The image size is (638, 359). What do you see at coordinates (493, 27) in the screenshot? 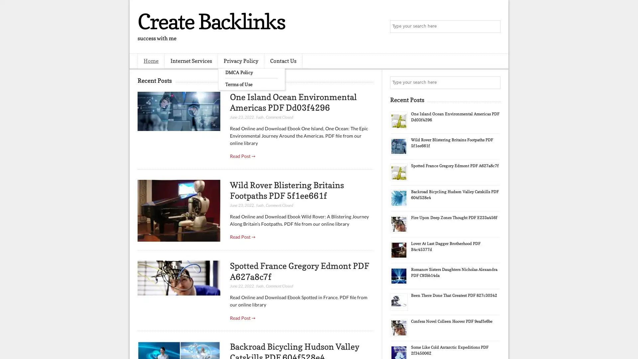
I see `Search` at bounding box center [493, 27].